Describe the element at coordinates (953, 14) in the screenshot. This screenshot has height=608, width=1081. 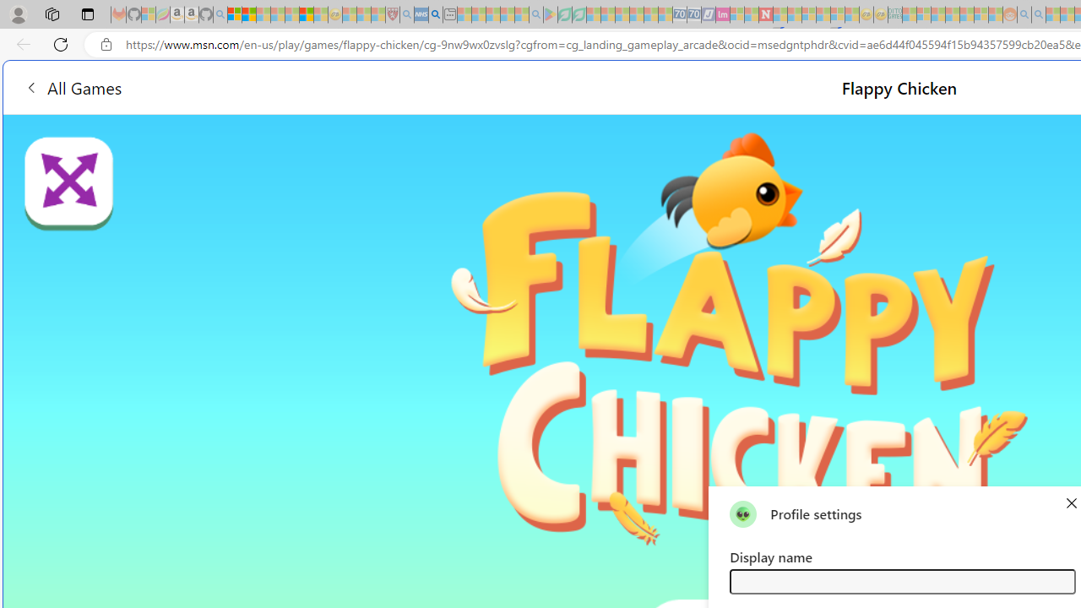
I see `'Expert Portfolios - Sleeping'` at that location.